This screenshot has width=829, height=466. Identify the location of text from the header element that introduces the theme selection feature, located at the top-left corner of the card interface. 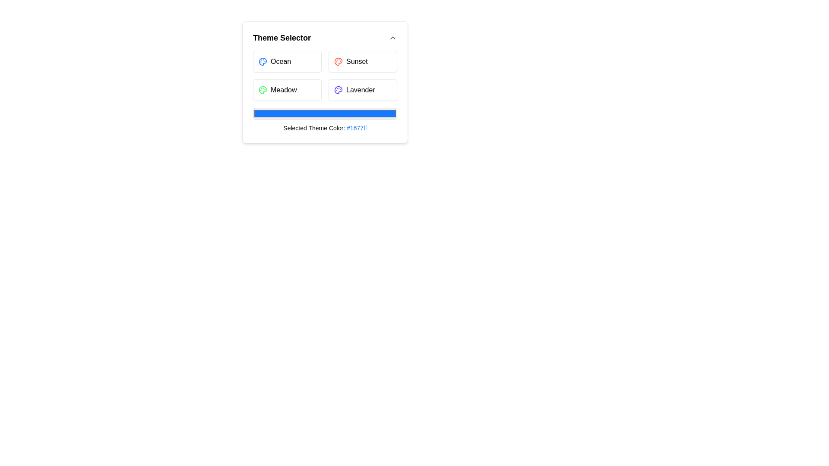
(282, 38).